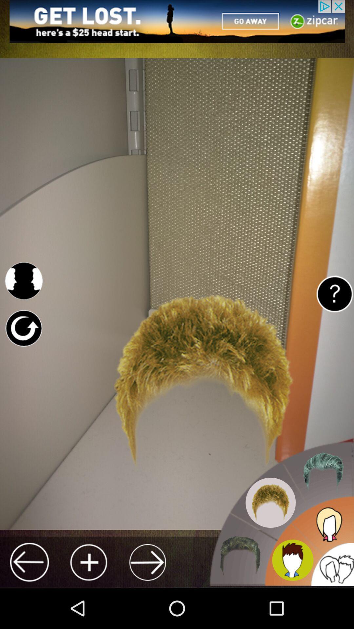 Image resolution: width=354 pixels, height=629 pixels. I want to click on image, so click(88, 562).